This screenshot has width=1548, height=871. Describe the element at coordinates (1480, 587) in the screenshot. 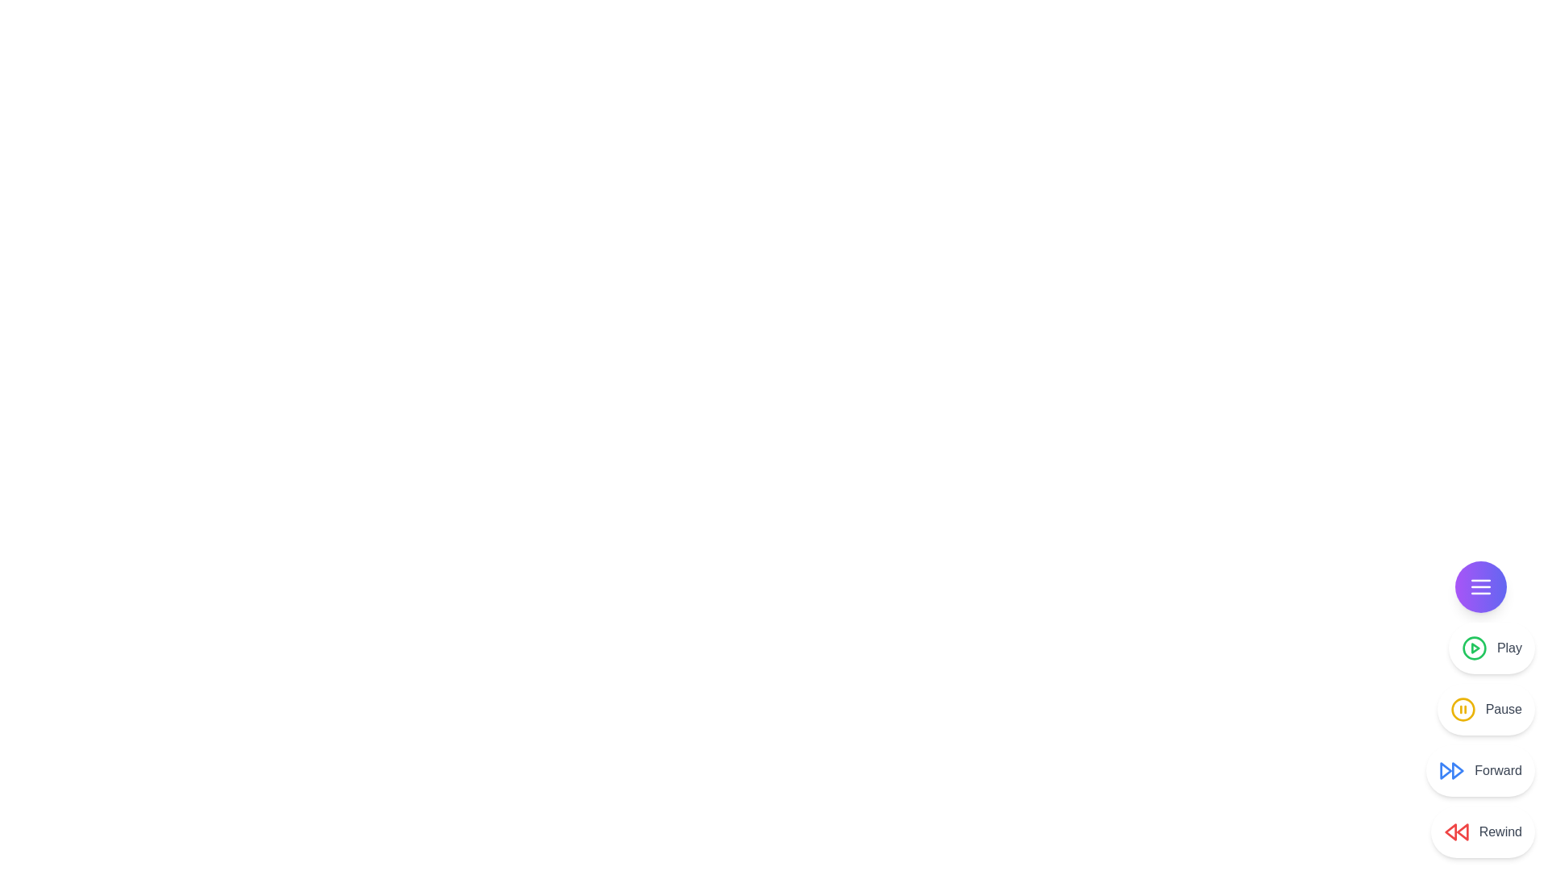

I see `the menu button to toggle the menu state` at that location.